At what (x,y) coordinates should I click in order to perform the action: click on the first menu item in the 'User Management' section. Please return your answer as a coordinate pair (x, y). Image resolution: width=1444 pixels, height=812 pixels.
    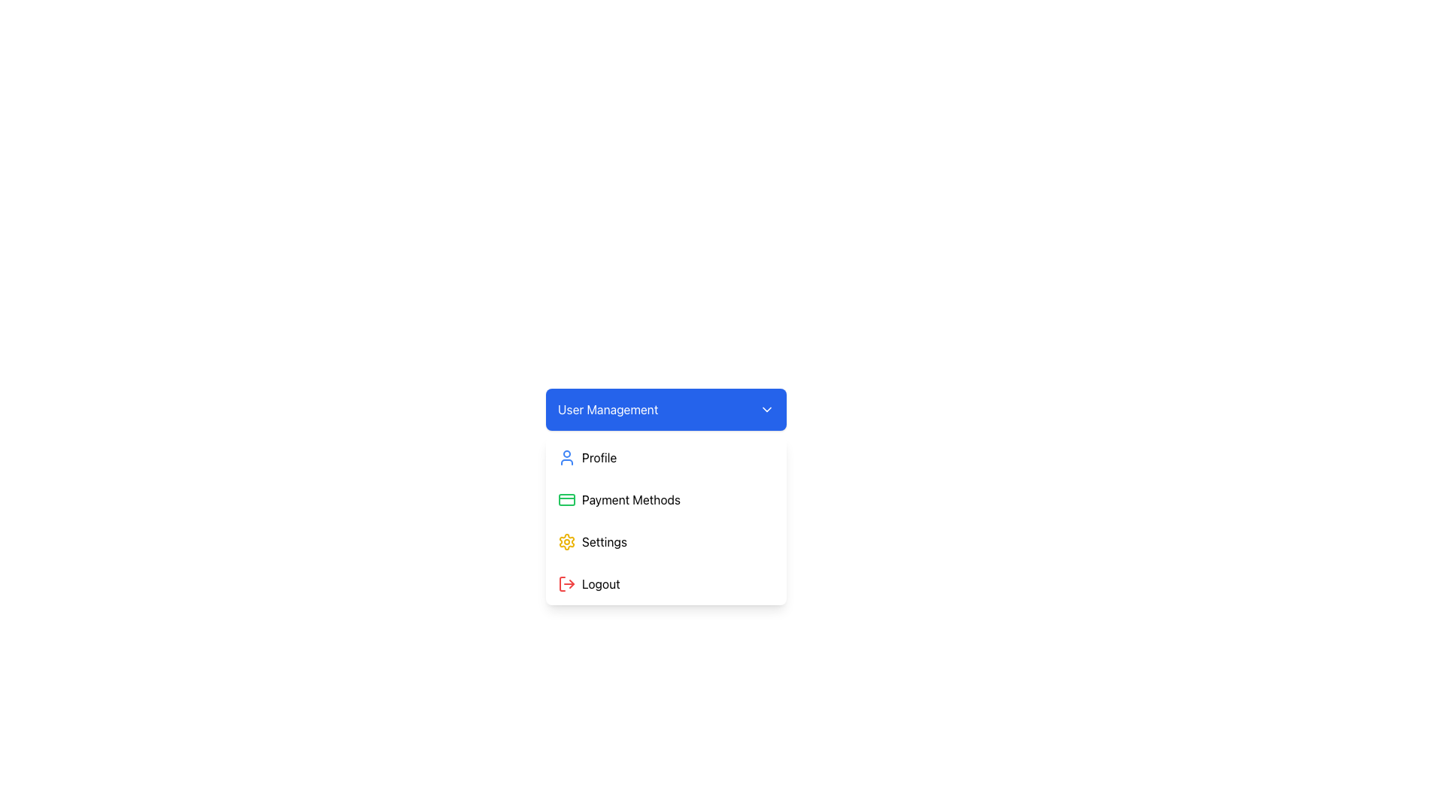
    Looking at the image, I should click on (666, 457).